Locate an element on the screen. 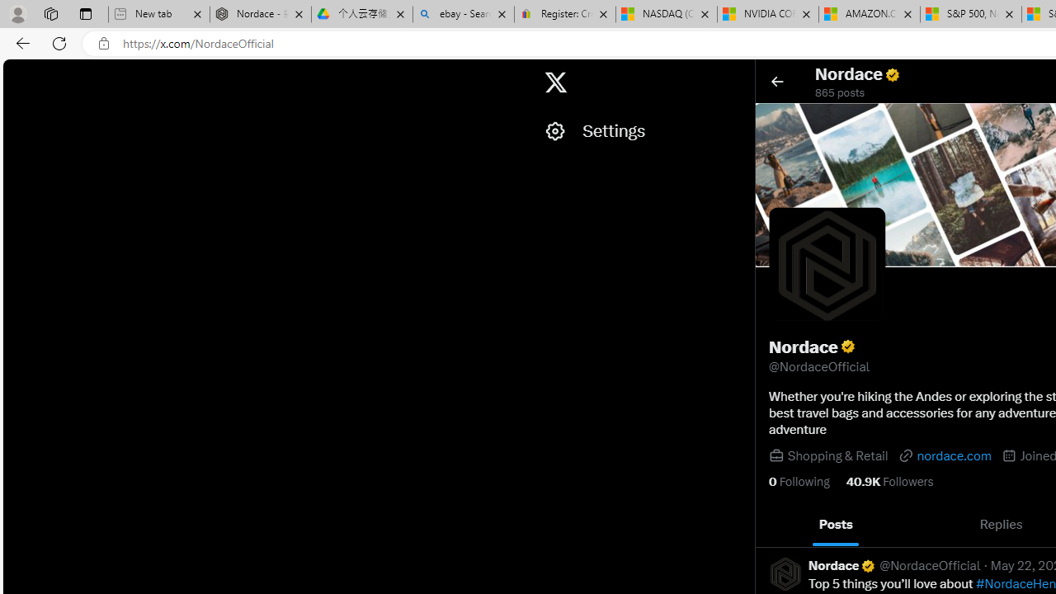  'Verified account' is located at coordinates (867, 565).